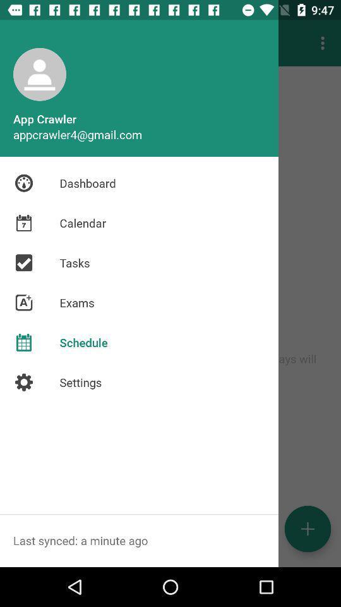  What do you see at coordinates (24, 262) in the screenshot?
I see `the icon beside the tasks` at bounding box center [24, 262].